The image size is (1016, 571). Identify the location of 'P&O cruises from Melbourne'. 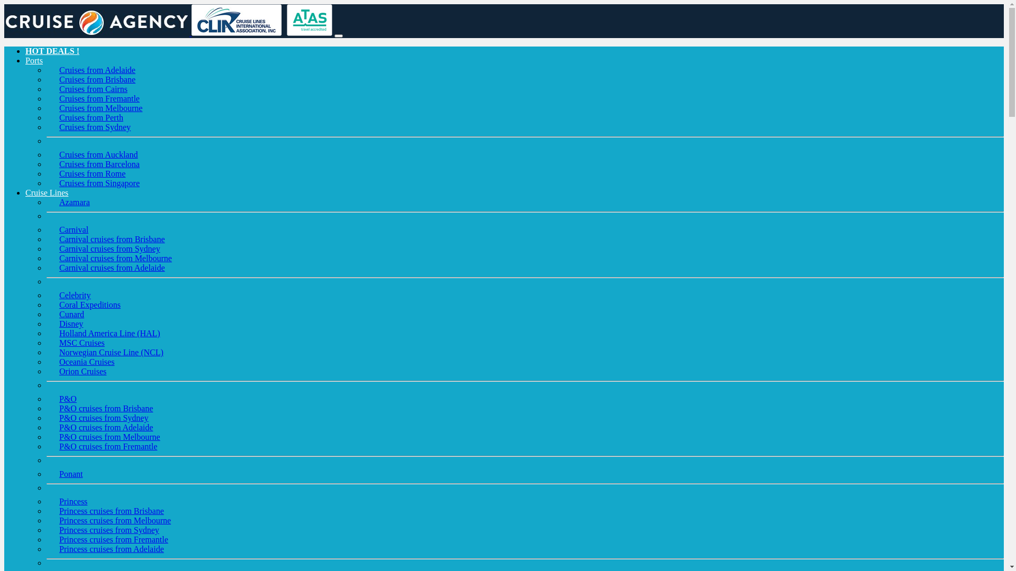
(110, 437).